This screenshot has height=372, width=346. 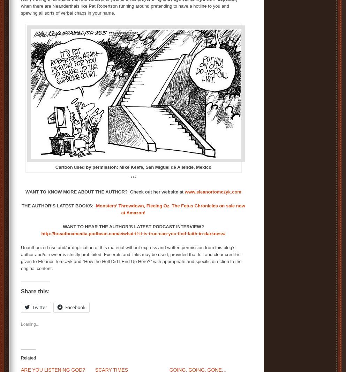 I want to click on 'Unauthorized use and/or duplication of this material without express and written permission from this blog’s author and/or owner is strictly prohibited. Excerpts and links may be used, provided that full and clear credit is given to Eleanor Tomczyk and “How the Hell Did I End Up Here?” with appropriate and specific direction to the original content.', so click(x=21, y=258).